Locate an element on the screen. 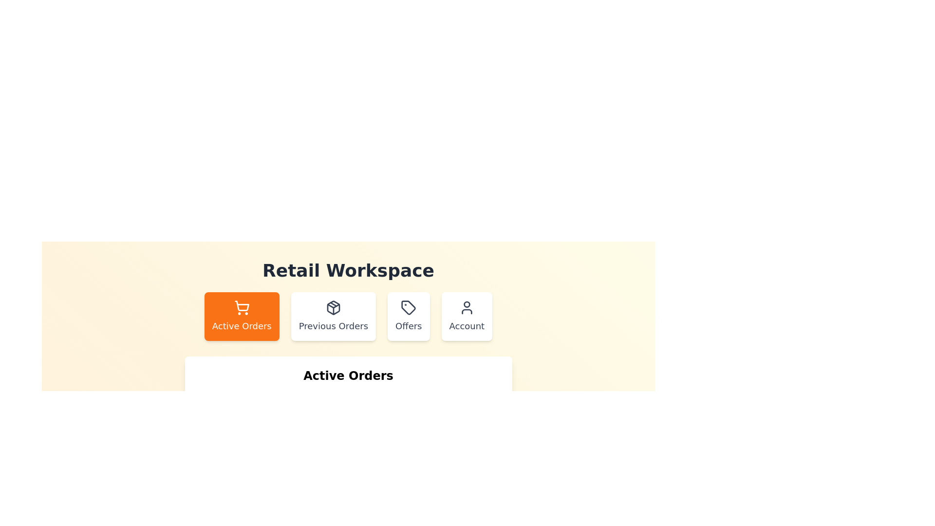  the Previous Orders tab to observe its visual change is located at coordinates (333, 317).